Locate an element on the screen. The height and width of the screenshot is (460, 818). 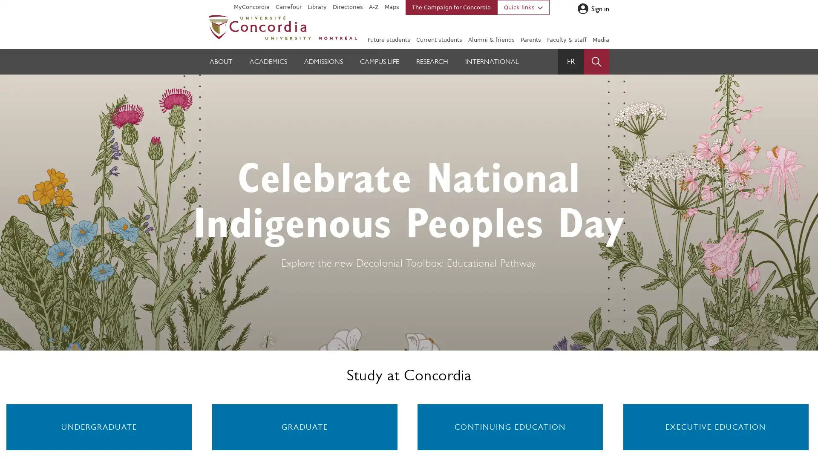
ADMISSIONS is located at coordinates (323, 61).